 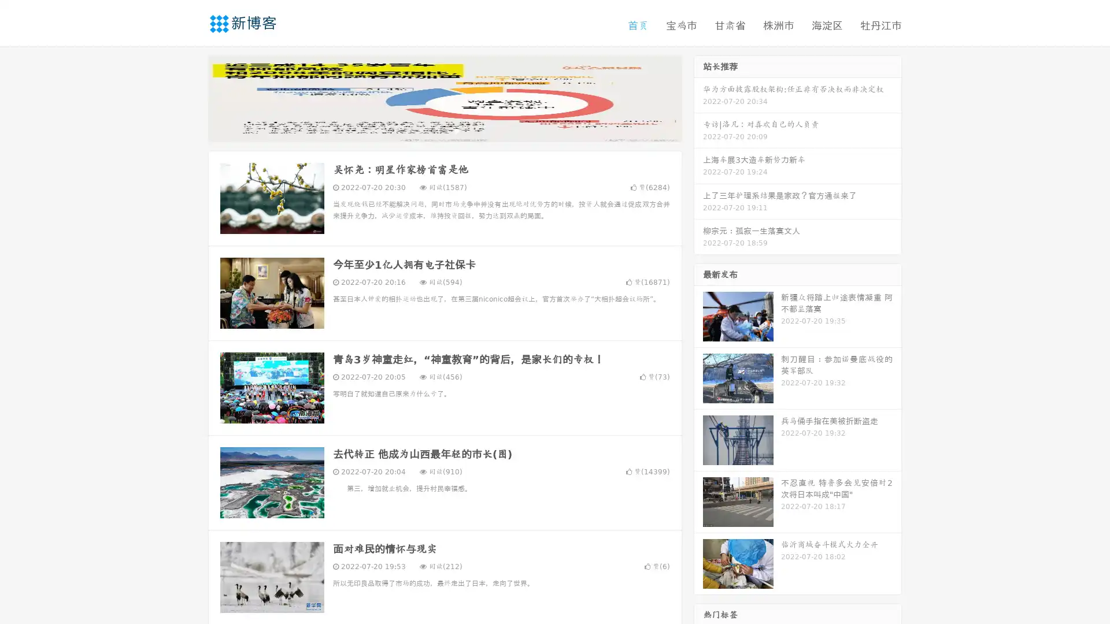 What do you see at coordinates (698, 97) in the screenshot?
I see `Next slide` at bounding box center [698, 97].